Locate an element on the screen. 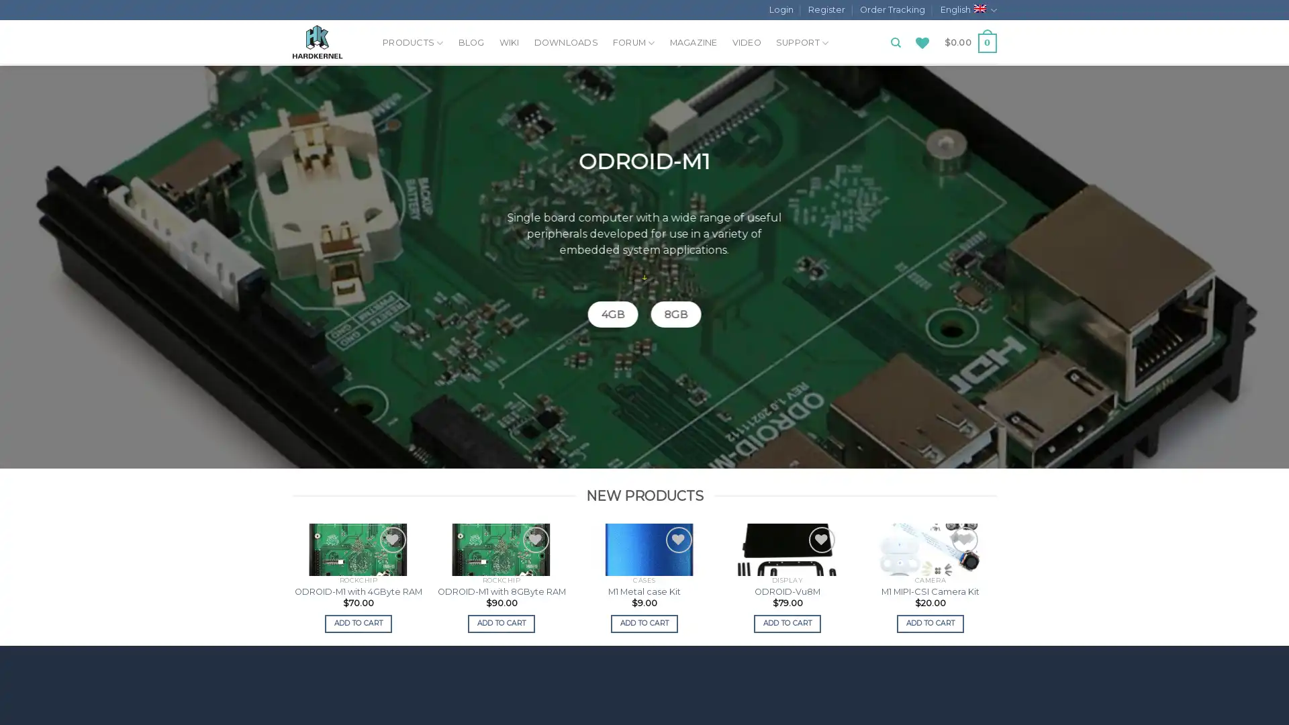  Previous is located at coordinates (293, 582).